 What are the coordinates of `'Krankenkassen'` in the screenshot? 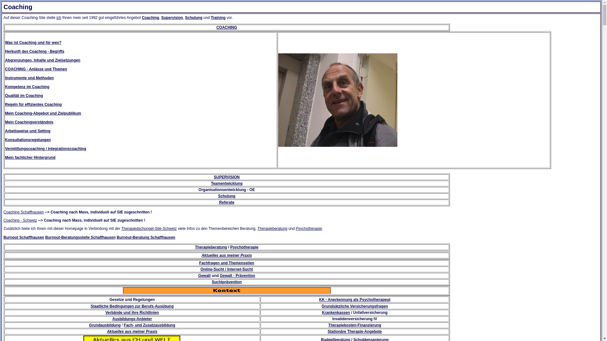 It's located at (335, 313).